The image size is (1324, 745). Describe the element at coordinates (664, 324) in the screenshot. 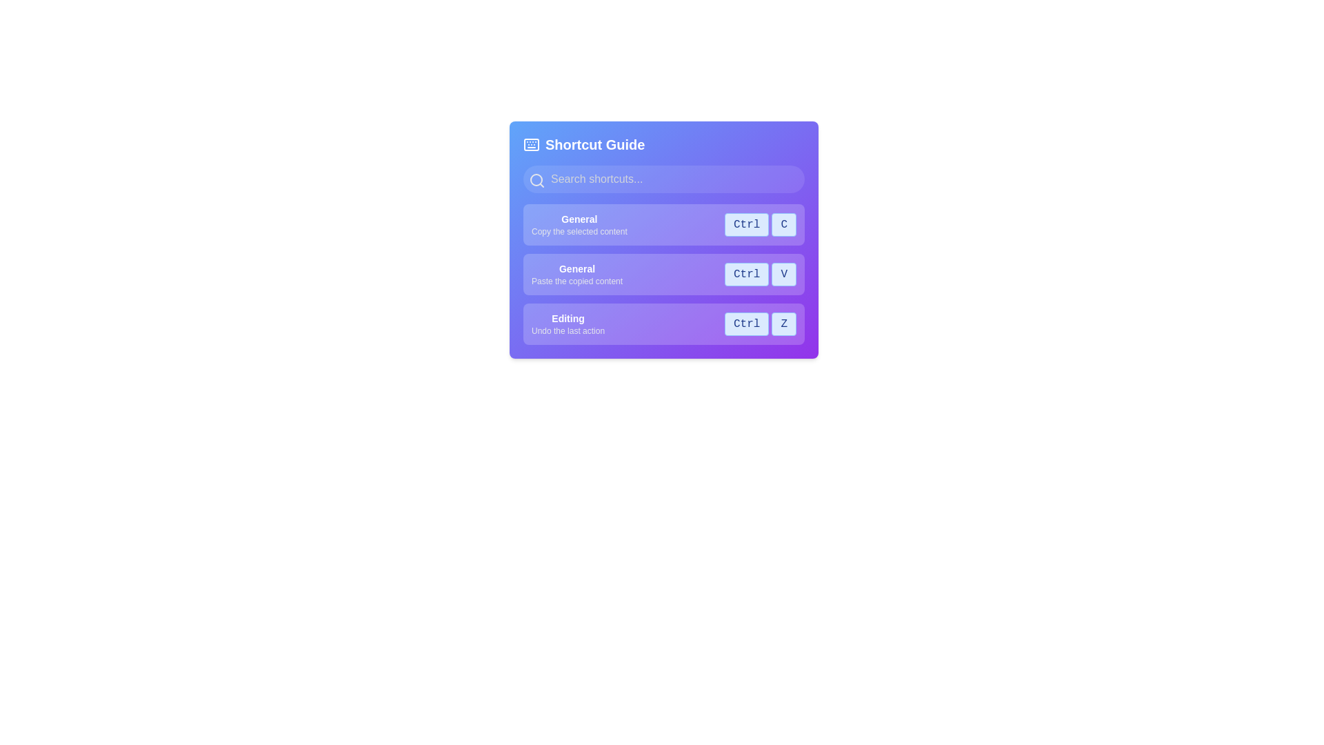

I see `the 'Ctrl' button` at that location.